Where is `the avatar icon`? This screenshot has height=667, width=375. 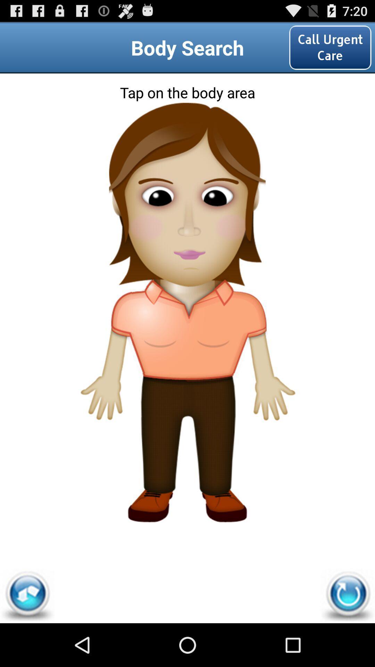 the avatar icon is located at coordinates (187, 258).